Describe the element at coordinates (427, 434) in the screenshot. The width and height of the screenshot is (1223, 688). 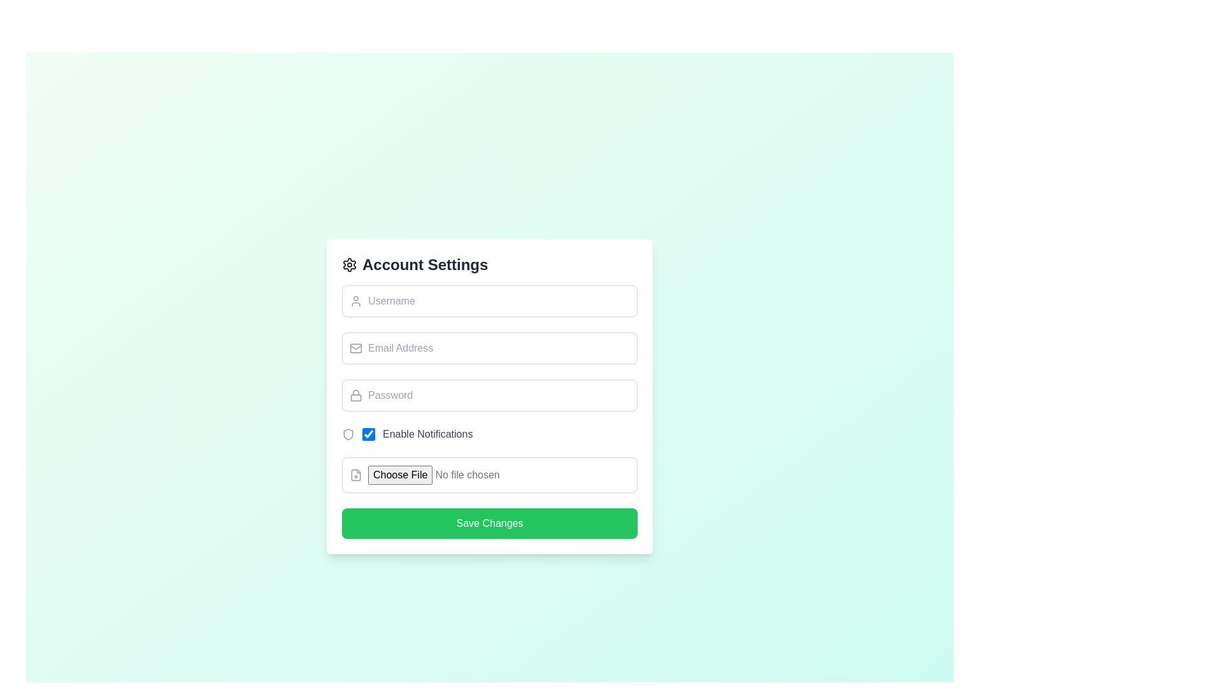
I see `text label displaying 'Enable Notifications' which is styled with a gray font color and located next to a checkbox in the account settings section` at that location.